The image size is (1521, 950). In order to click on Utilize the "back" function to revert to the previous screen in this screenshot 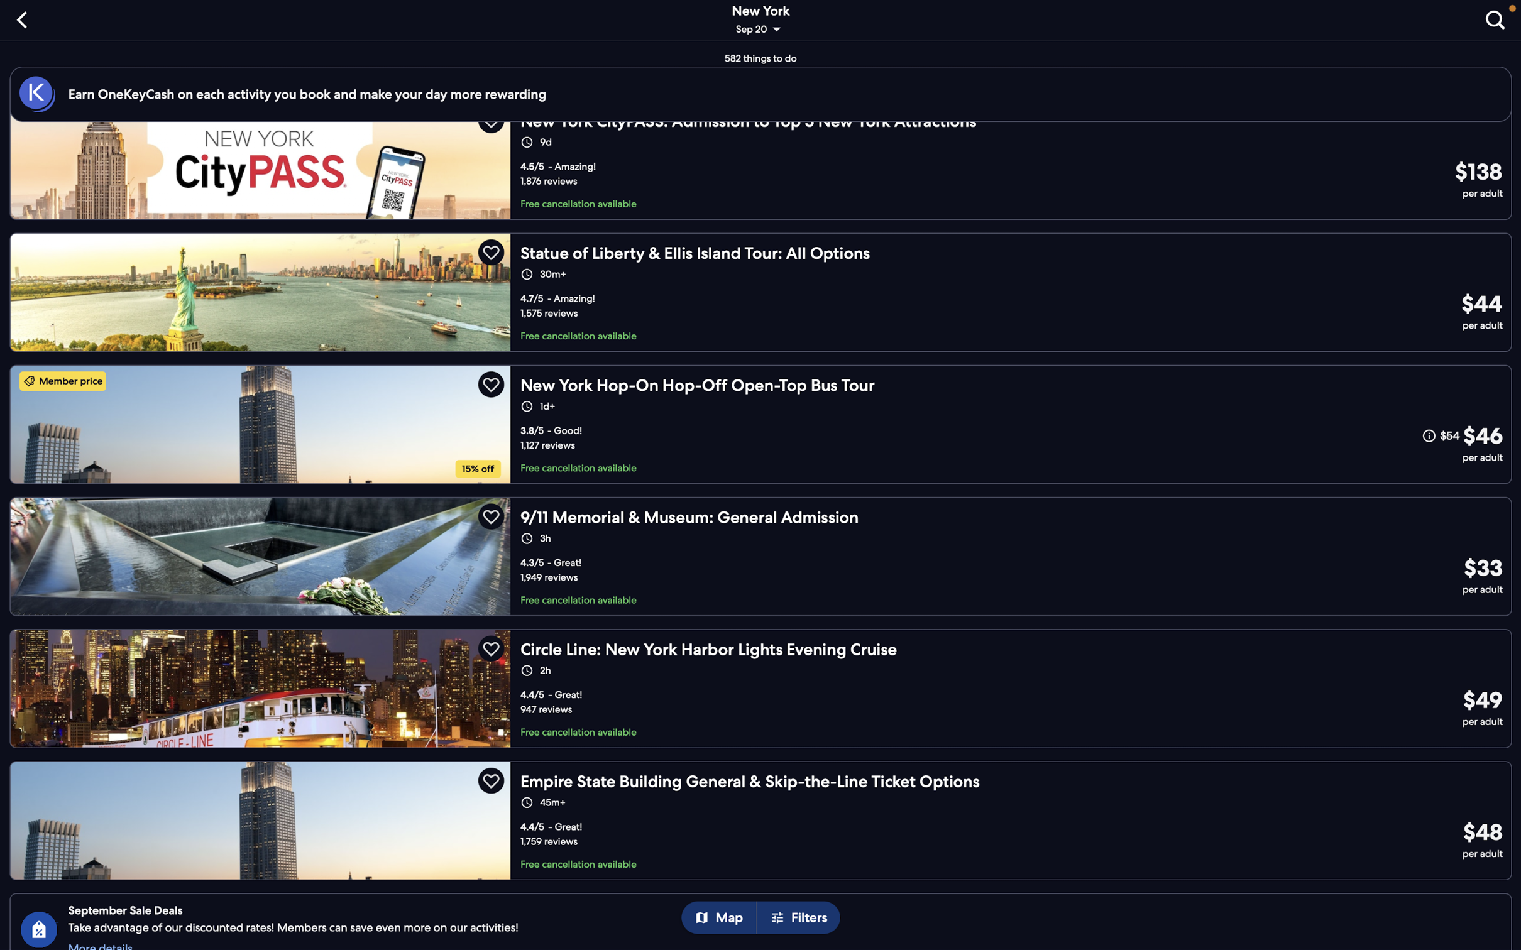, I will do `click(25, 18)`.